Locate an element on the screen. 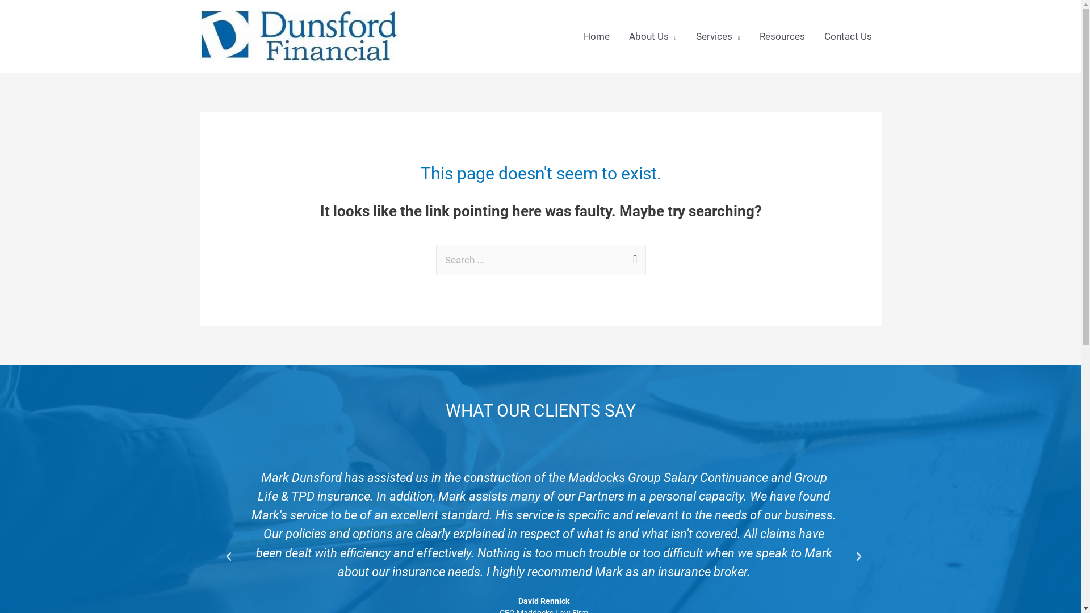  'Search' is located at coordinates (632, 256).